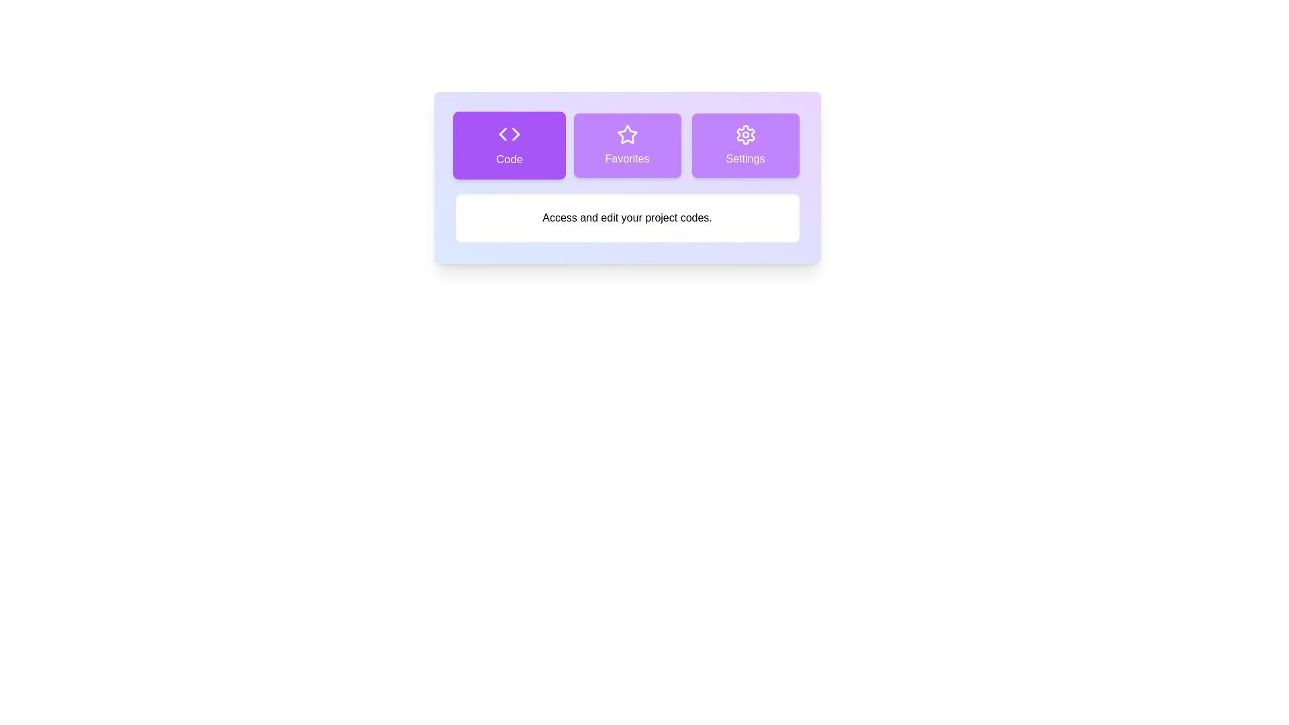 The width and height of the screenshot is (1289, 725). What do you see at coordinates (508, 145) in the screenshot?
I see `the button labeled 'Code' with a purple background for keyboard interaction` at bounding box center [508, 145].